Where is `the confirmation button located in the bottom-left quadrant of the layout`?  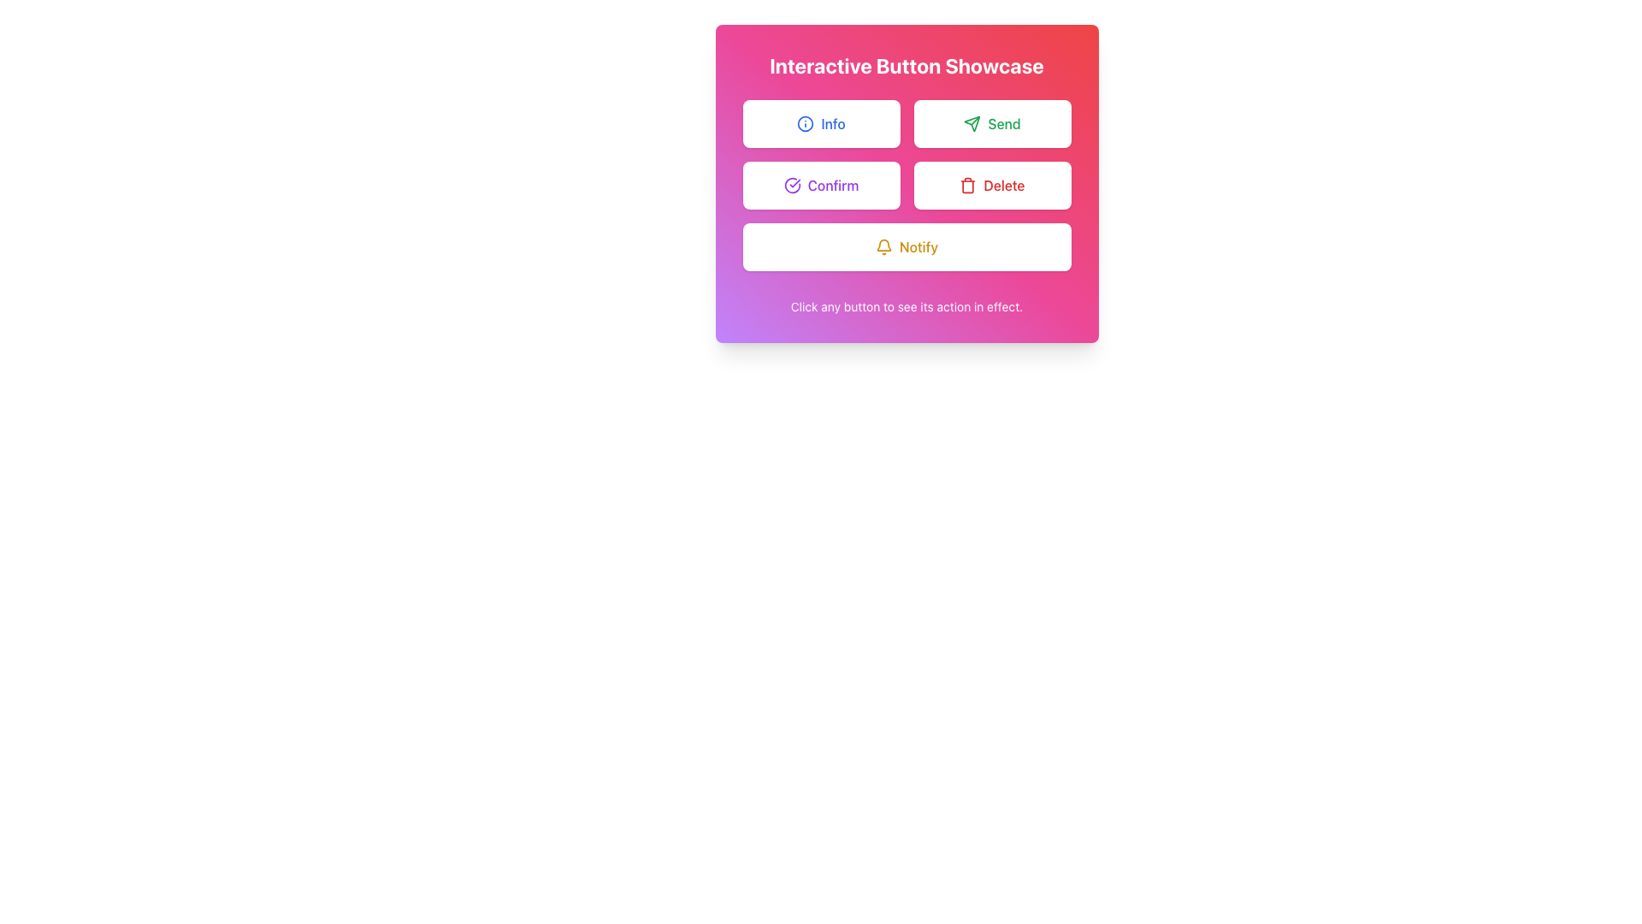
the confirmation button located in the bottom-left quadrant of the layout is located at coordinates (821, 185).